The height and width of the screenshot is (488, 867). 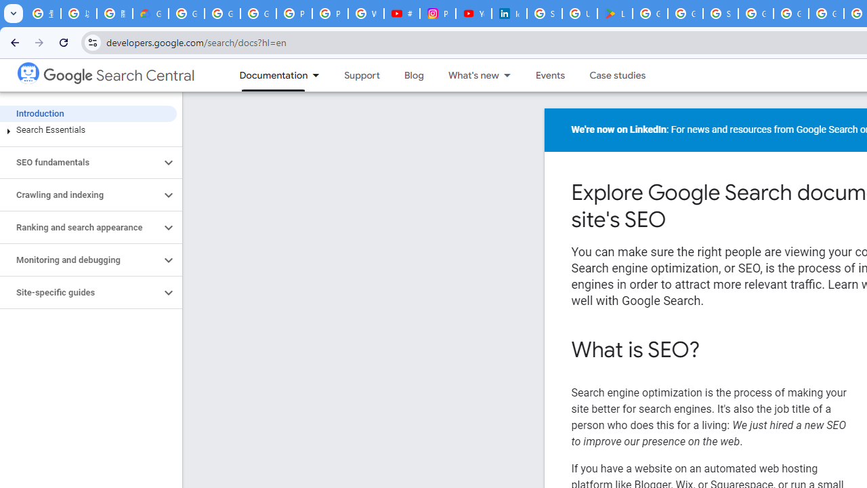 I want to click on 'Dropdown menu for Documentation', so click(x=319, y=75).